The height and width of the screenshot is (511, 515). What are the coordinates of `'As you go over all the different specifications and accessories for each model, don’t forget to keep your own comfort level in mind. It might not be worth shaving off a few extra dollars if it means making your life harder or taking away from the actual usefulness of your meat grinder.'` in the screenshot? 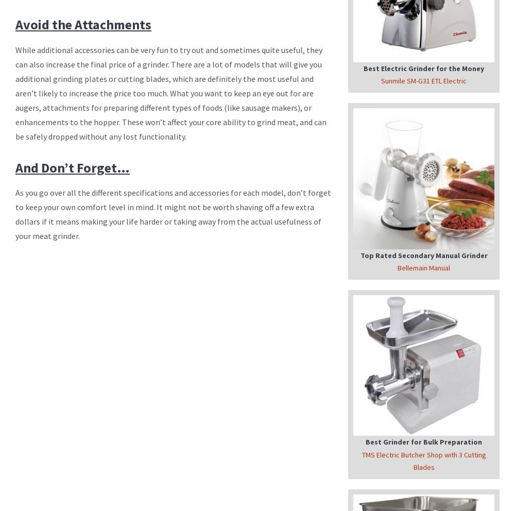 It's located at (173, 214).